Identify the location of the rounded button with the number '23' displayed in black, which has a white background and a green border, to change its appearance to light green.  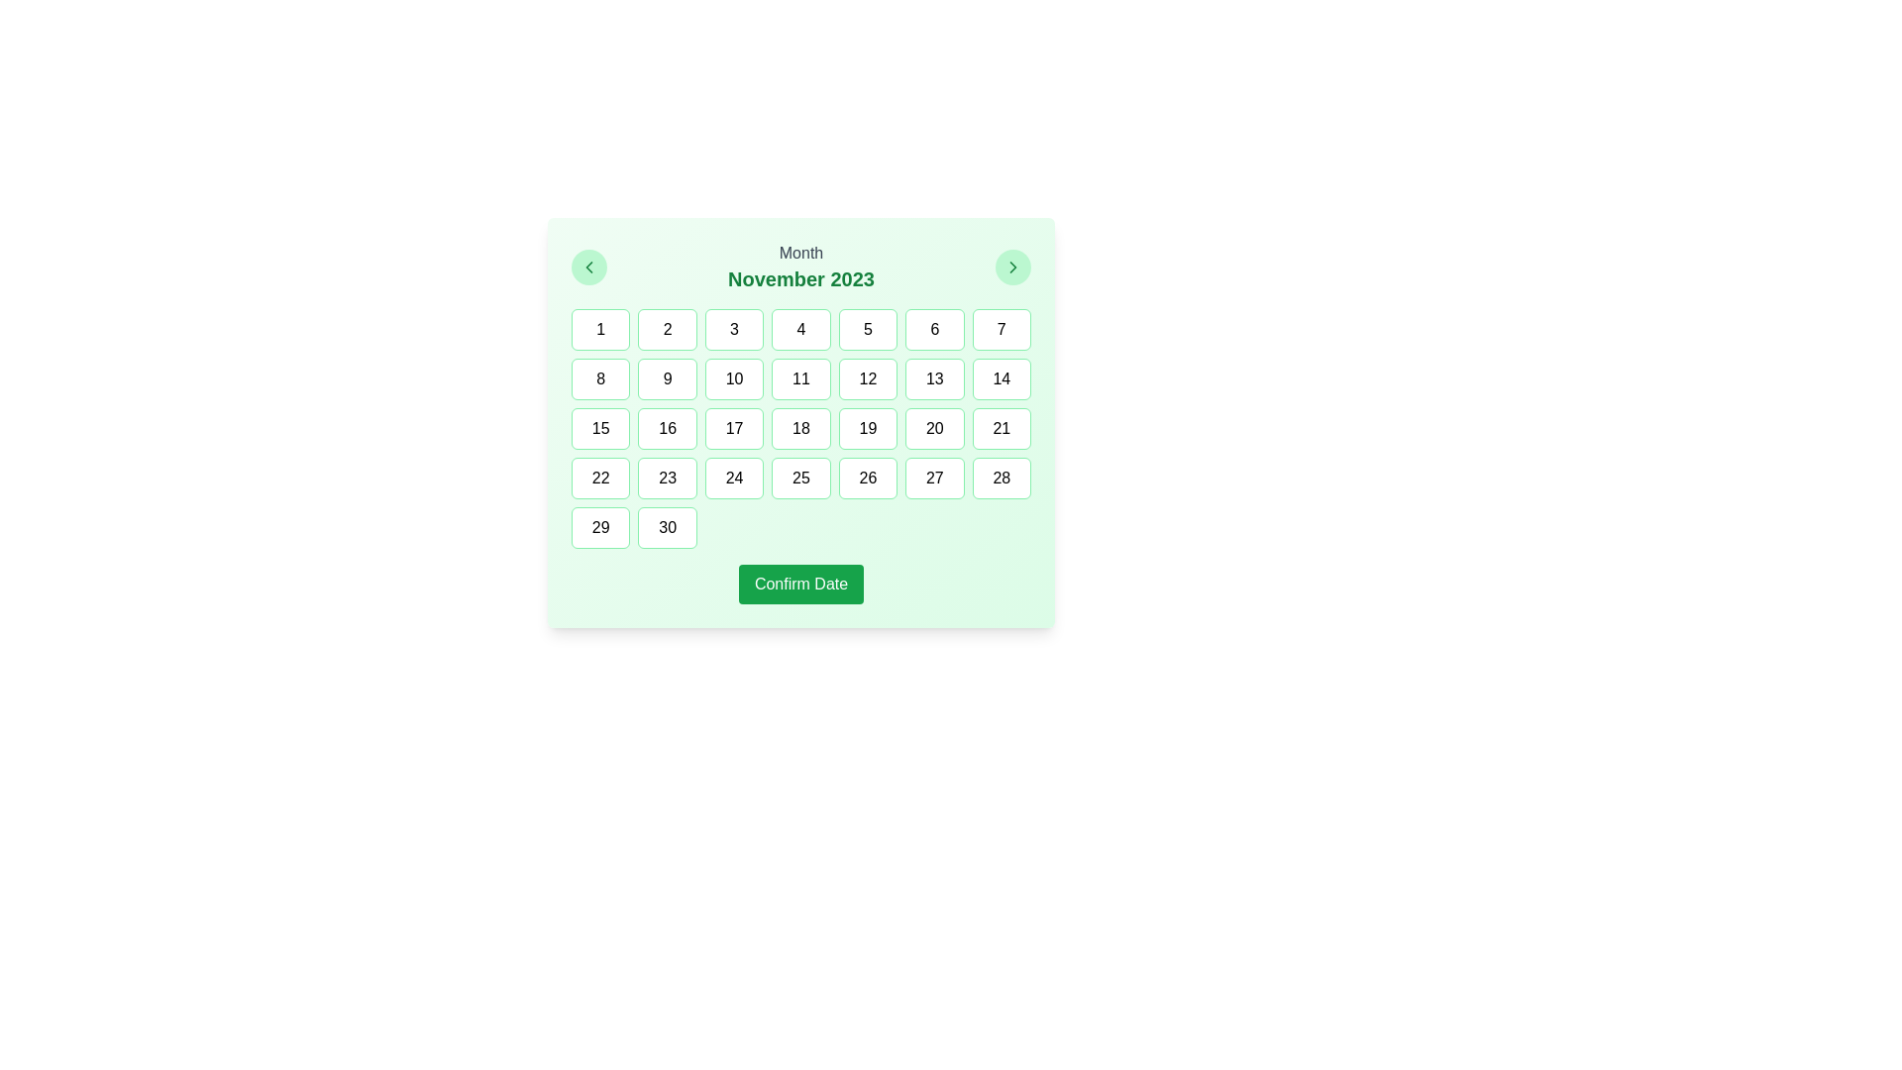
(668, 478).